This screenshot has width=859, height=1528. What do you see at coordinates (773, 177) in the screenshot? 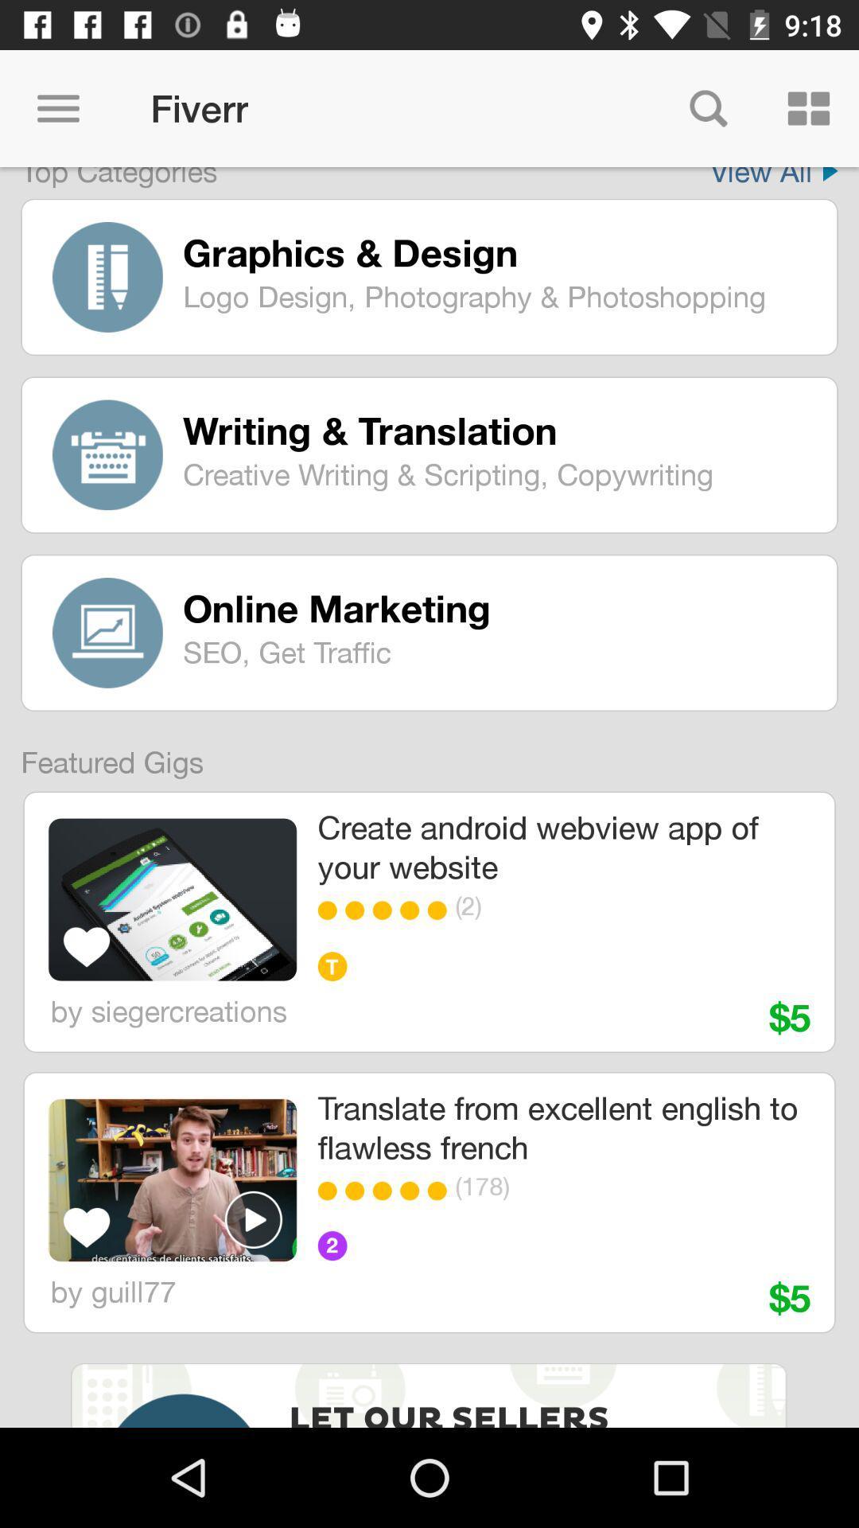
I see `the item next to top categories item` at bounding box center [773, 177].